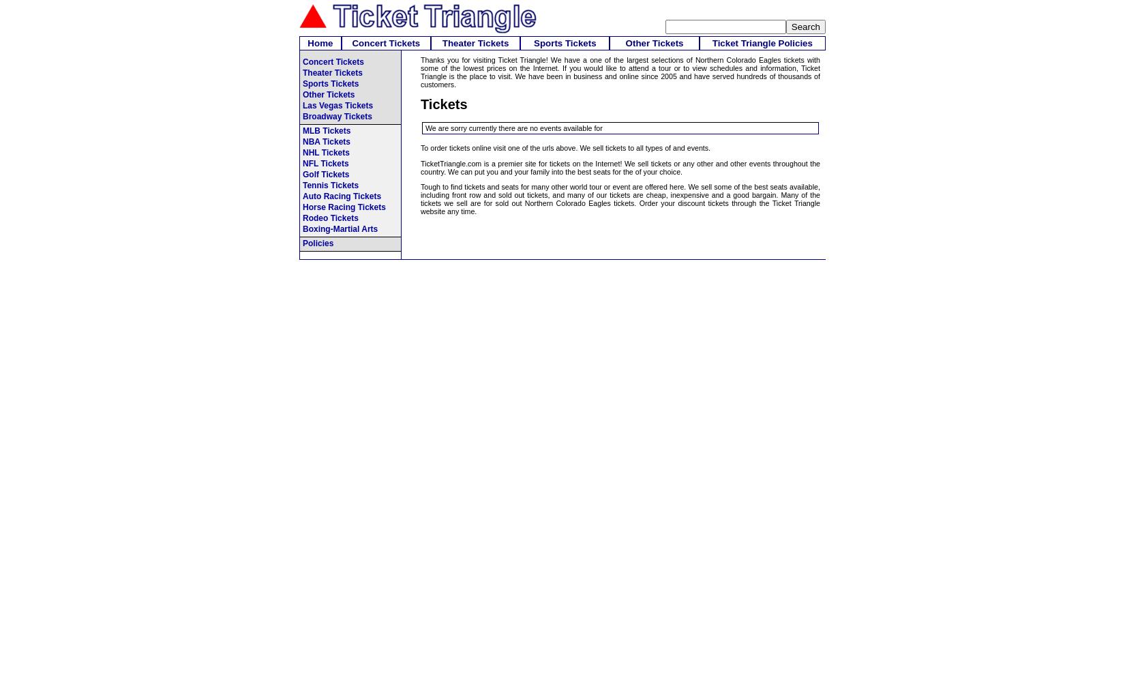 The image size is (1125, 682). Describe the element at coordinates (325, 130) in the screenshot. I see `'MLB Tickets'` at that location.